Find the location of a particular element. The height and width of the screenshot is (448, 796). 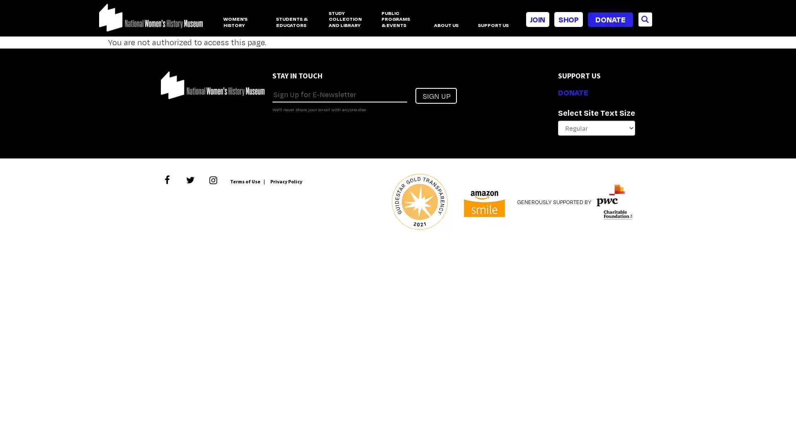

SIGN UP is located at coordinates (435, 95).